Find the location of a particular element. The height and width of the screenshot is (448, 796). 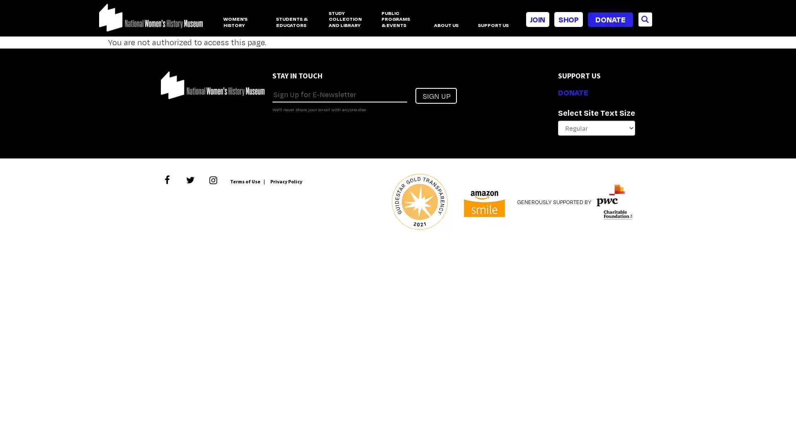

SIGN UP is located at coordinates (435, 95).